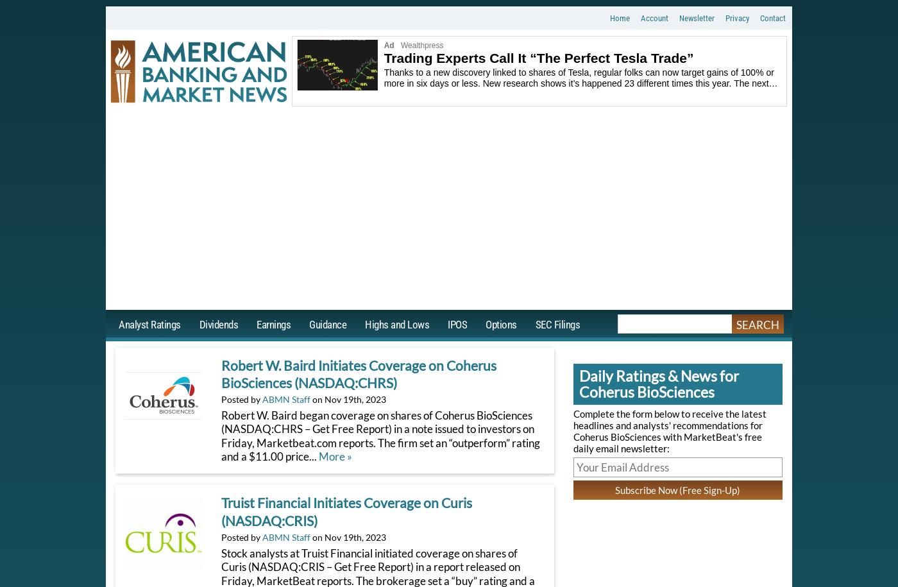 Image resolution: width=898 pixels, height=587 pixels. Describe the element at coordinates (396, 323) in the screenshot. I see `'Highs and Lows'` at that location.